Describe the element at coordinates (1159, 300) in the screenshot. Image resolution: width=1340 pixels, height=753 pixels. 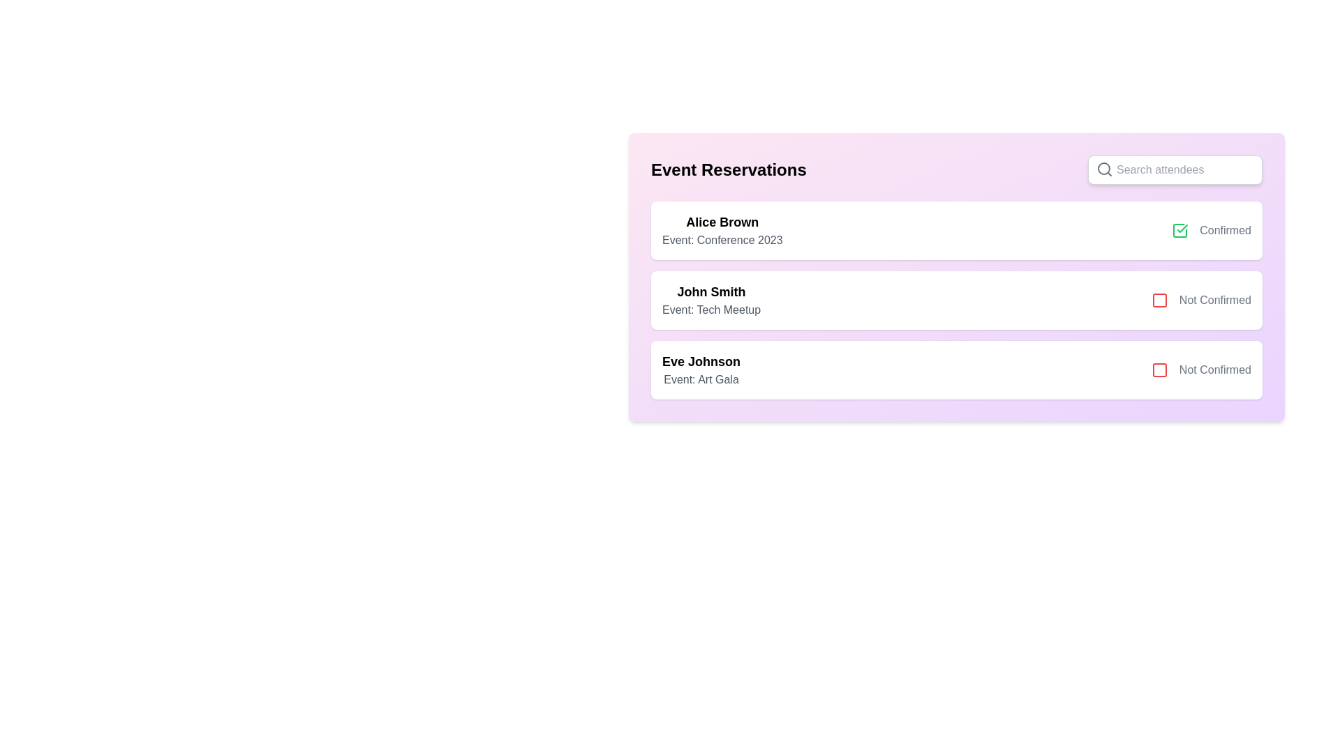
I see `red square icon with rounded corners located to the left of the 'Not Confirmed' text in the second row of the list under 'Event Reservations' for detailed information` at that location.